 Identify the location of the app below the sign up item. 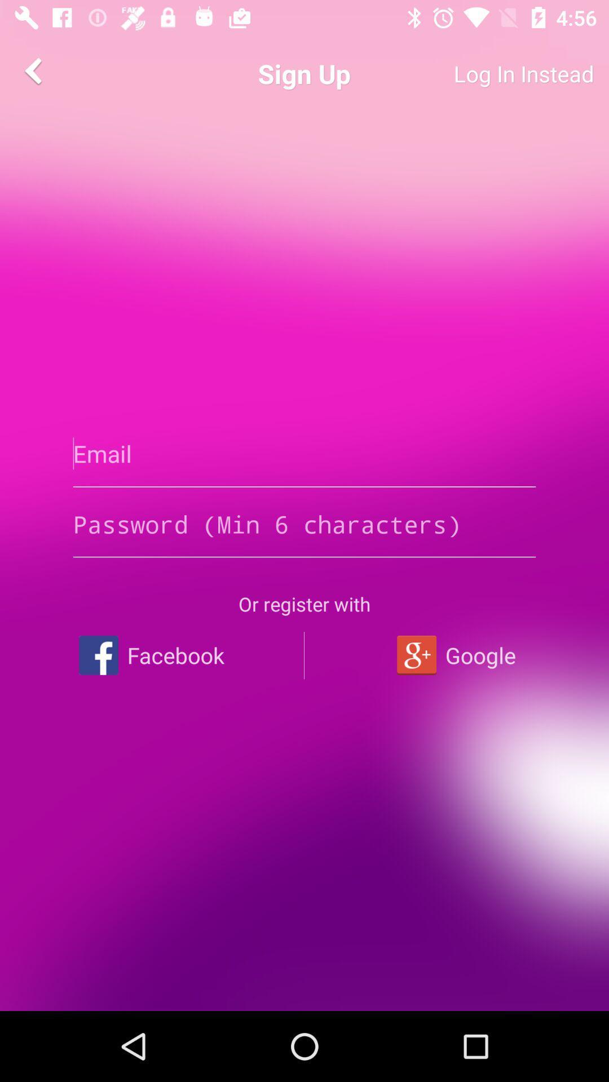
(304, 454).